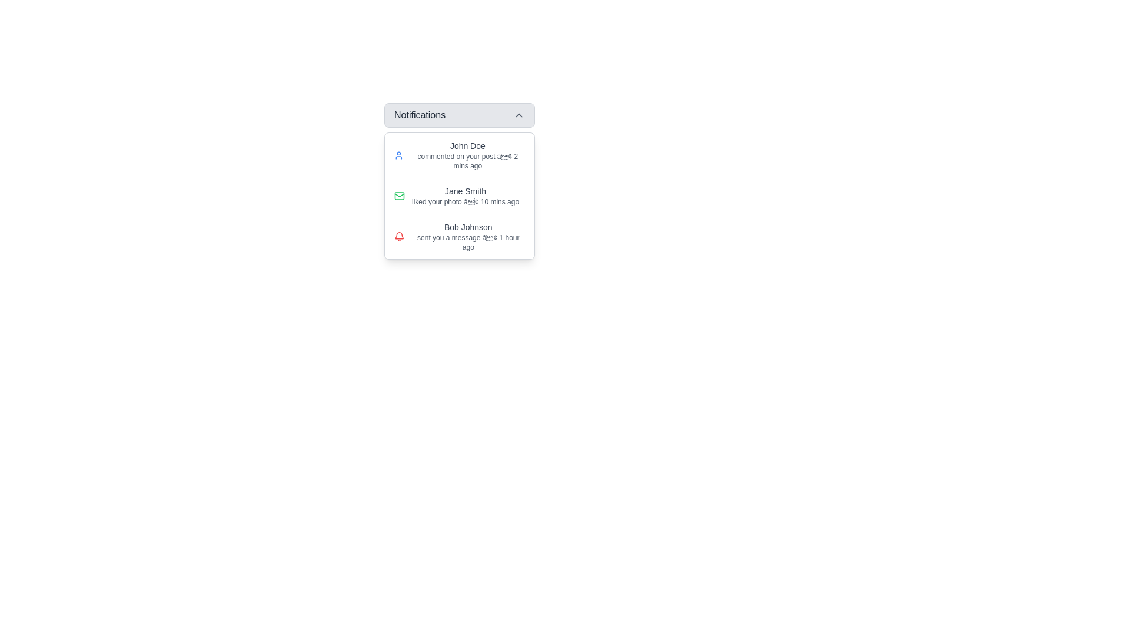  I want to click on the mail icon with a green stroke color, located to the left of the notification text 'Jane Smith liked your photo' in the notification dropdown, so click(399, 195).